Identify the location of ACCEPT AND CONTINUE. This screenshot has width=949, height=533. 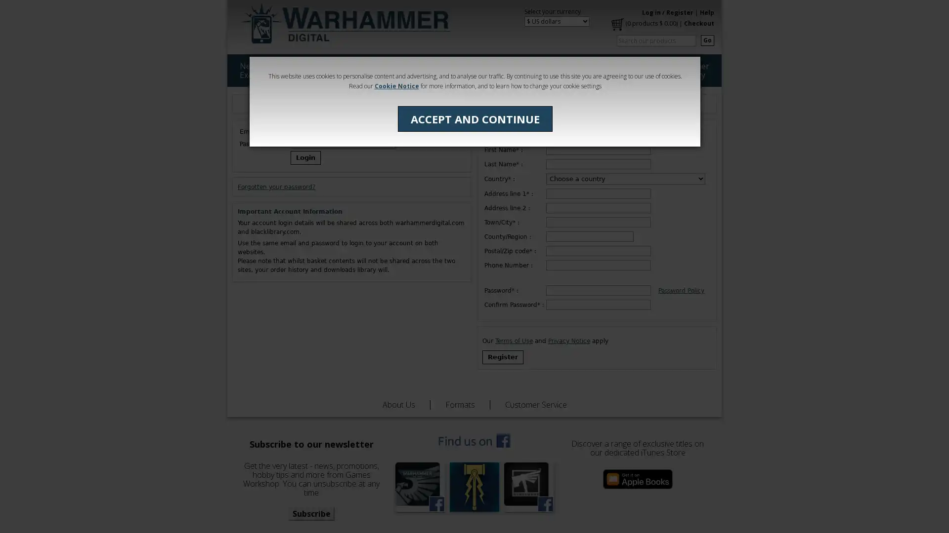
(474, 118).